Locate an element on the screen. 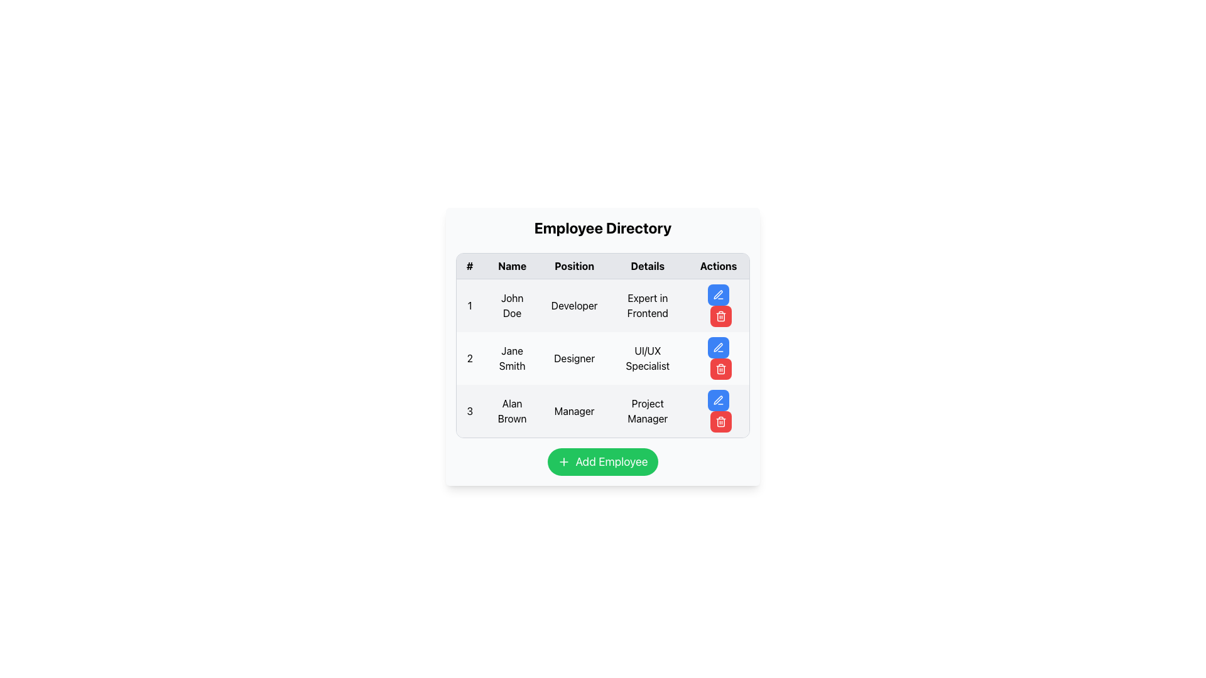  the first cell in the first row of the table header, which represents a column header for a numbering system is located at coordinates (469, 266).